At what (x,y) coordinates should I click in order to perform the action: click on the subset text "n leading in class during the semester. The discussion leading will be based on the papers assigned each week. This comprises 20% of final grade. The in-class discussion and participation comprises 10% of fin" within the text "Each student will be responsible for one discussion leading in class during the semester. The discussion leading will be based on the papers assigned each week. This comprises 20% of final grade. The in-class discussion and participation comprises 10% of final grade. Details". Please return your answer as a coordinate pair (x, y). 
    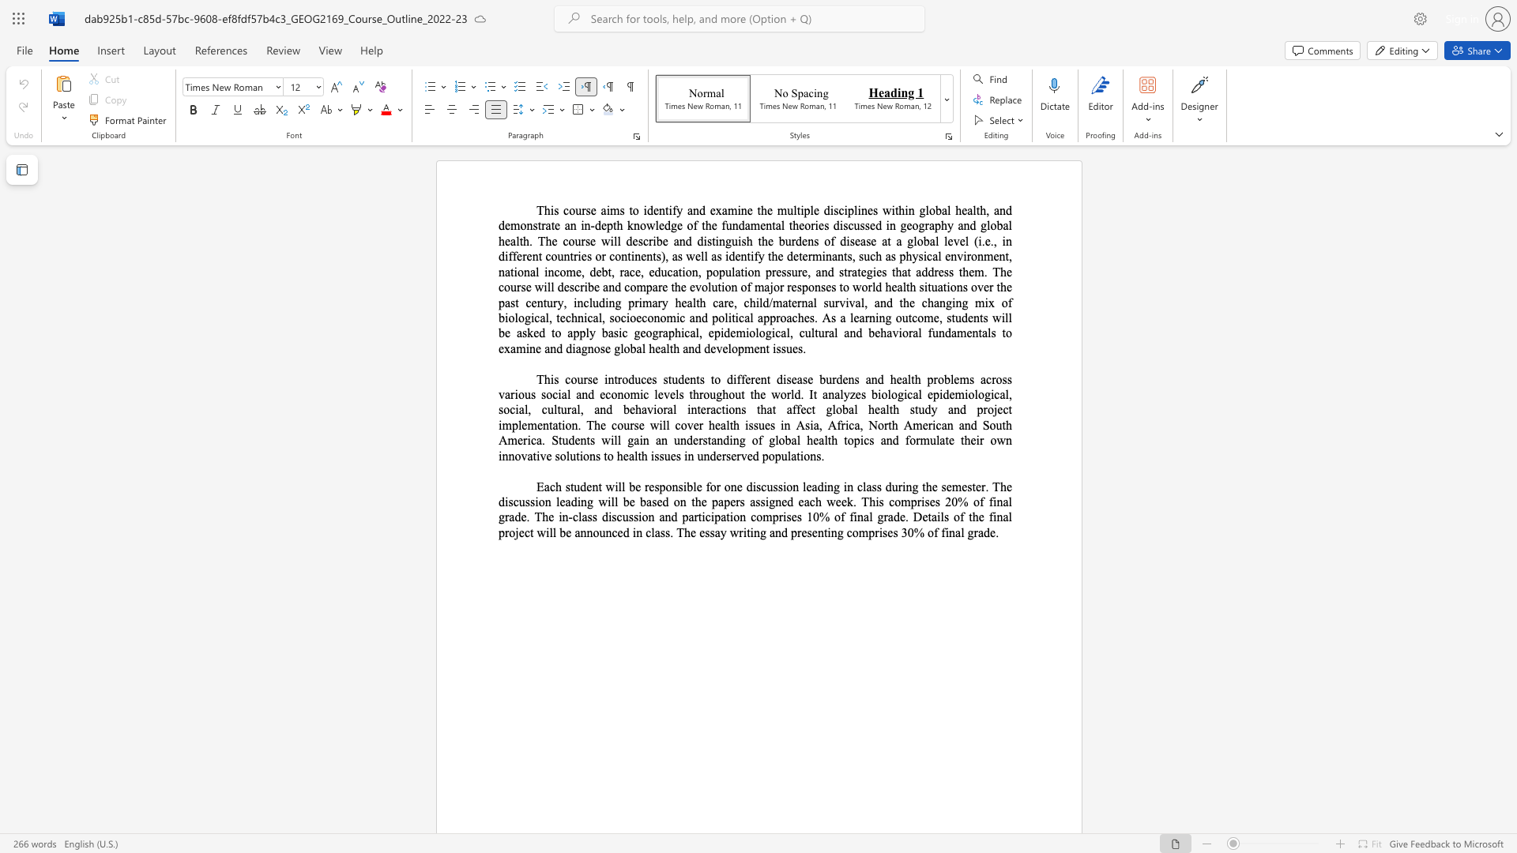
    Looking at the image, I should click on (792, 486).